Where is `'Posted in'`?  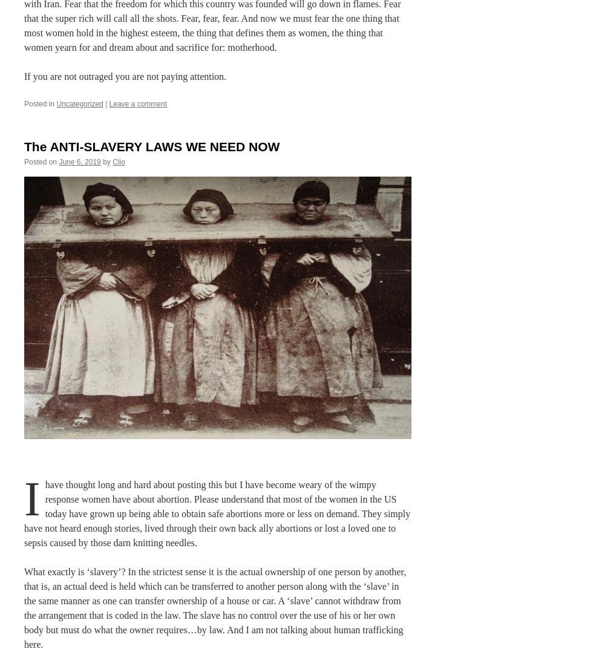 'Posted in' is located at coordinates (39, 103).